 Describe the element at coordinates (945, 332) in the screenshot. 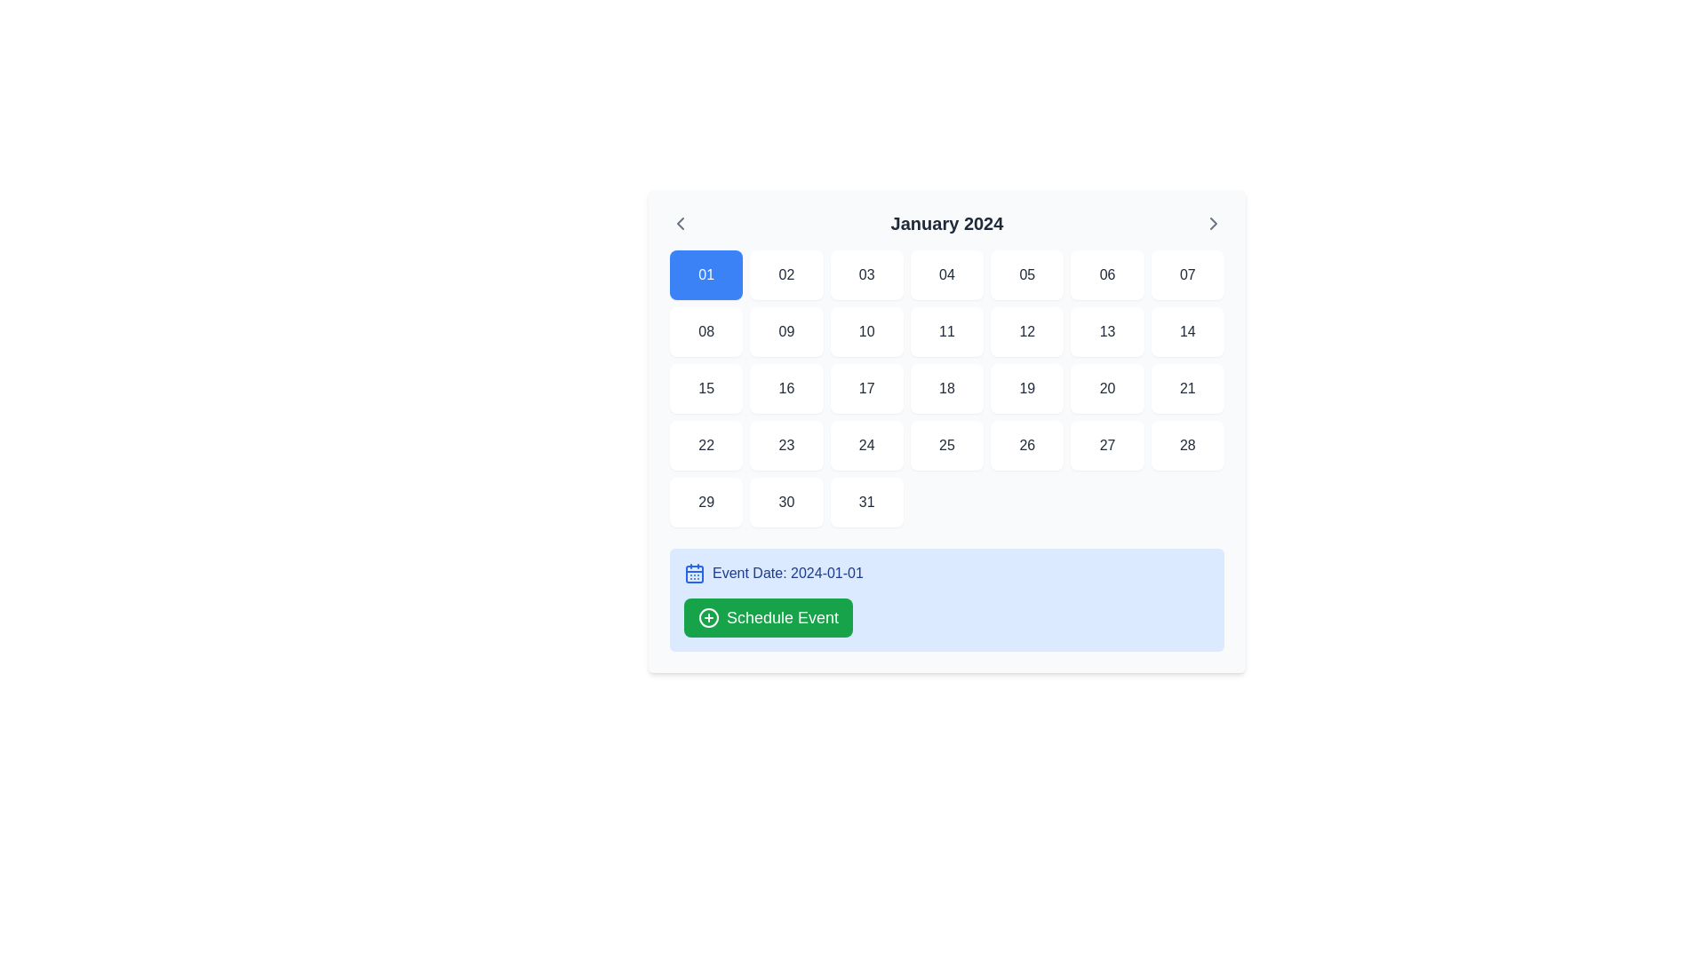

I see `the button displaying the number '11' in bold with a white background in the January 2024 calendar grid` at that location.